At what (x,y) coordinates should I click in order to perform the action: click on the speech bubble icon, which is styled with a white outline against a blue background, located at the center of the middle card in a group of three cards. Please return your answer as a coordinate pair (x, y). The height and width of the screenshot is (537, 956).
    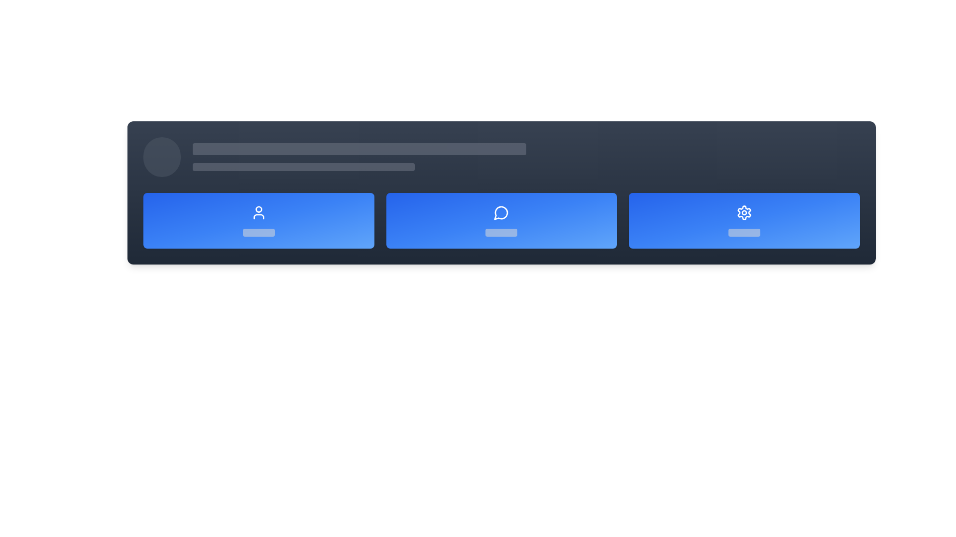
    Looking at the image, I should click on (501, 212).